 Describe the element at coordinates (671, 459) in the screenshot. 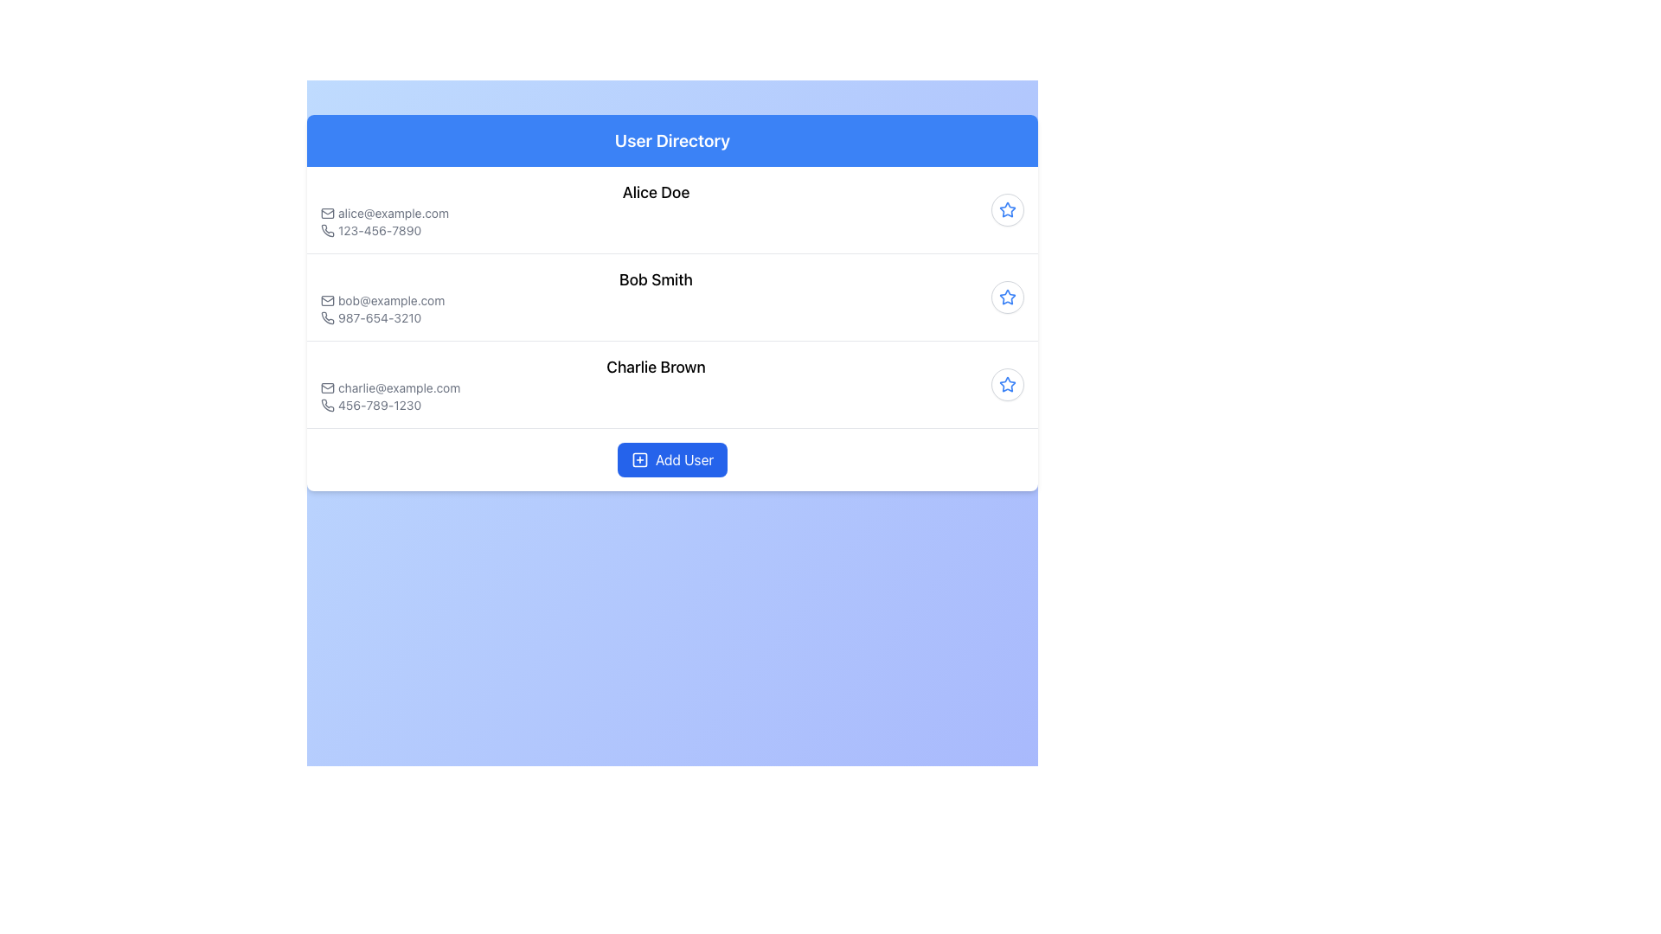

I see `the blue 'Add User' button using keyboard navigation` at that location.